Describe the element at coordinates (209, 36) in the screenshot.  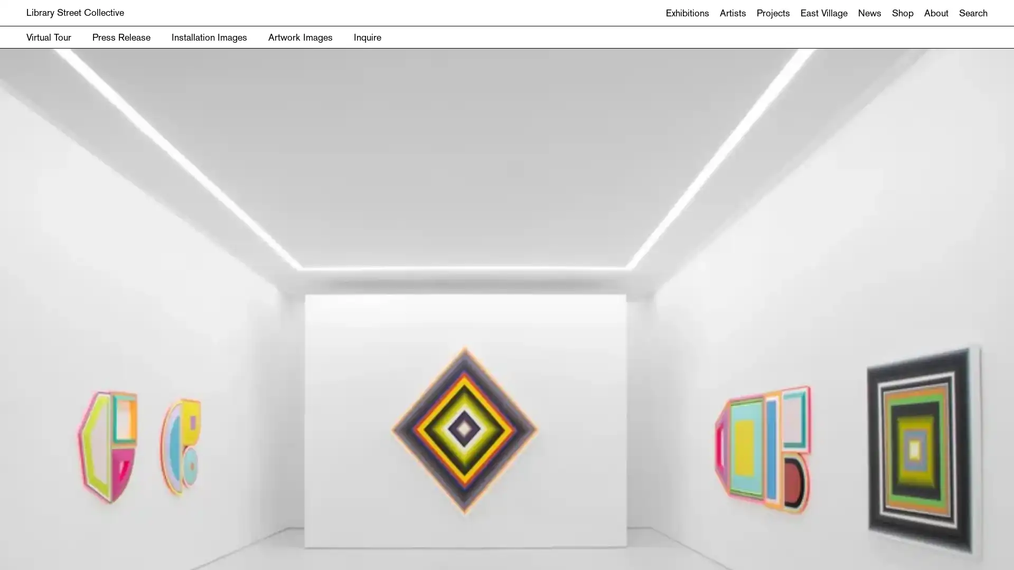
I see `Installation Images` at that location.